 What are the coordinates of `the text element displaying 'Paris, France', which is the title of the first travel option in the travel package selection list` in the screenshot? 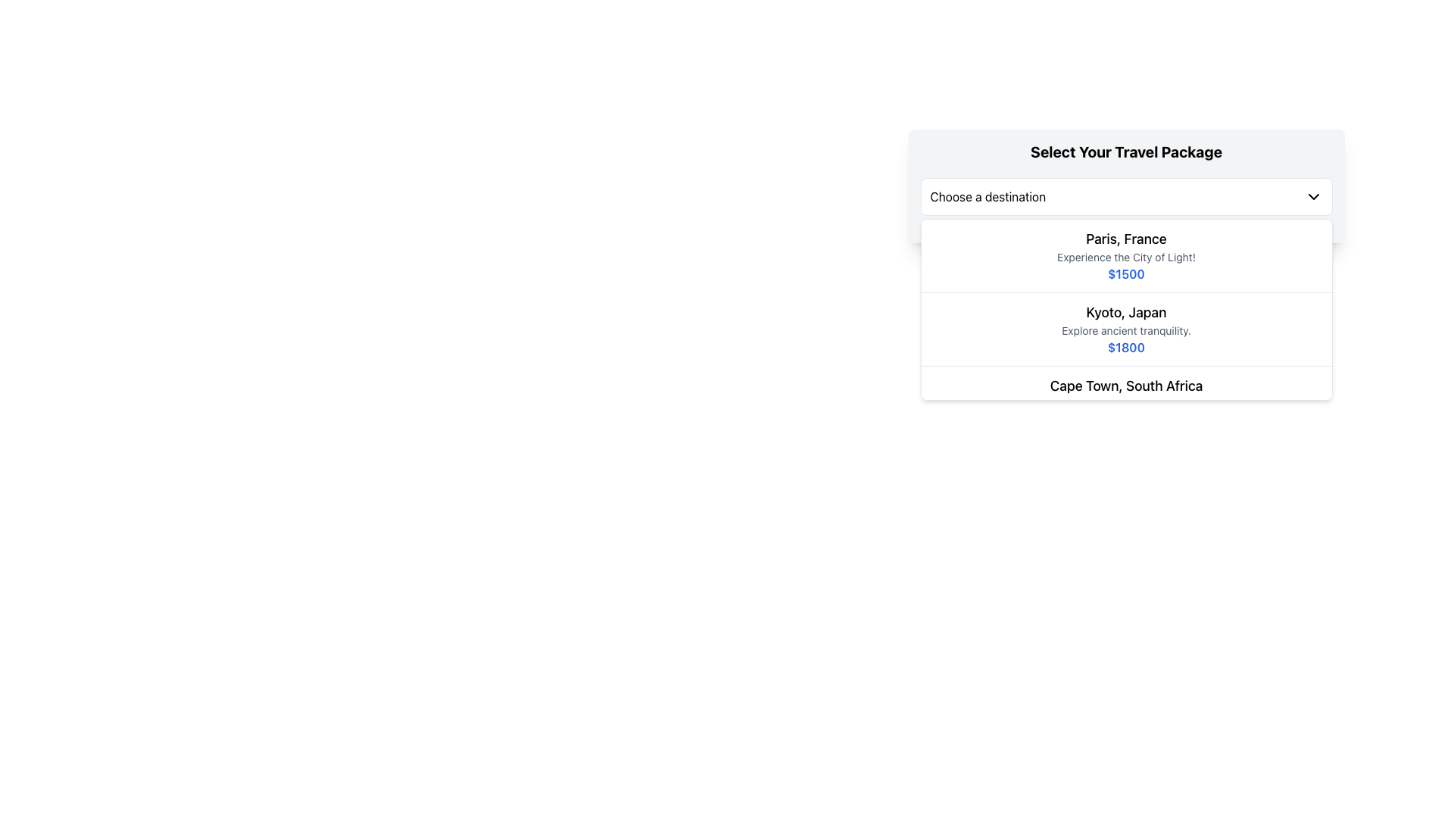 It's located at (1126, 239).